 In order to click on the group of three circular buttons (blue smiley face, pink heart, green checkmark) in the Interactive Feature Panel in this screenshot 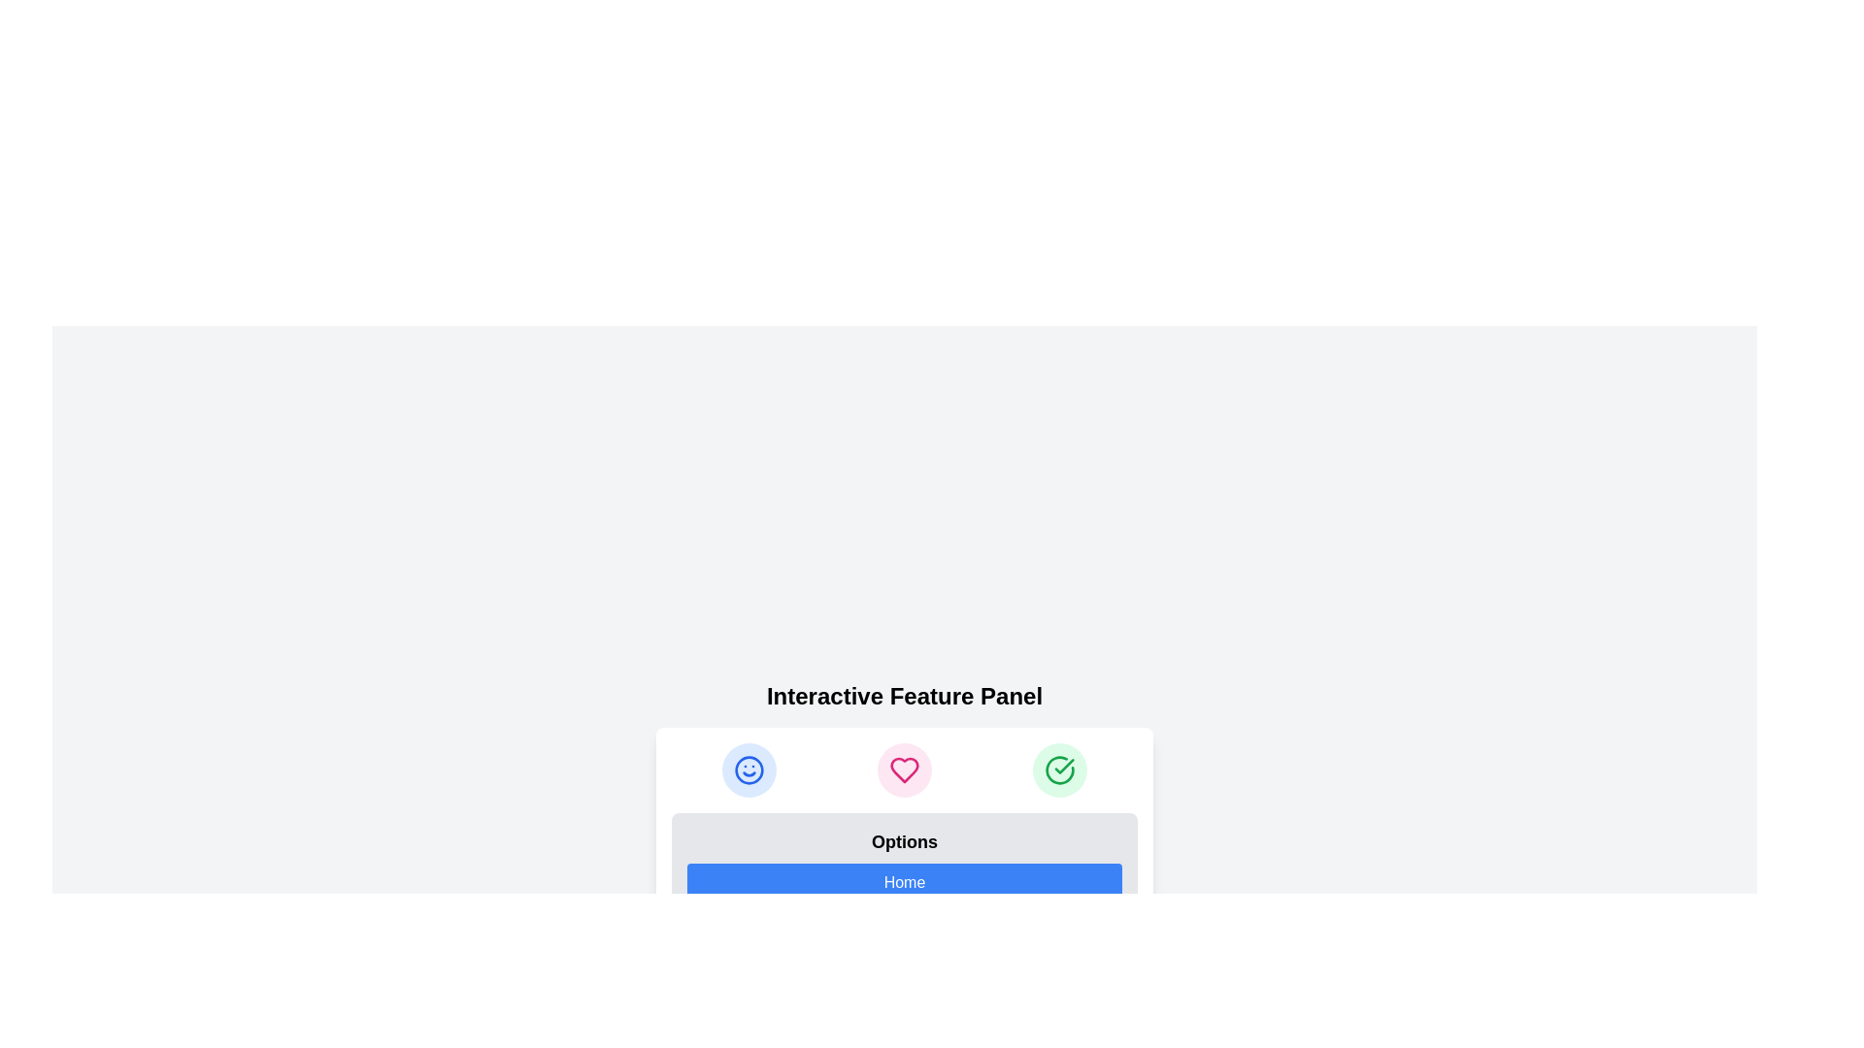, I will do `click(903, 770)`.